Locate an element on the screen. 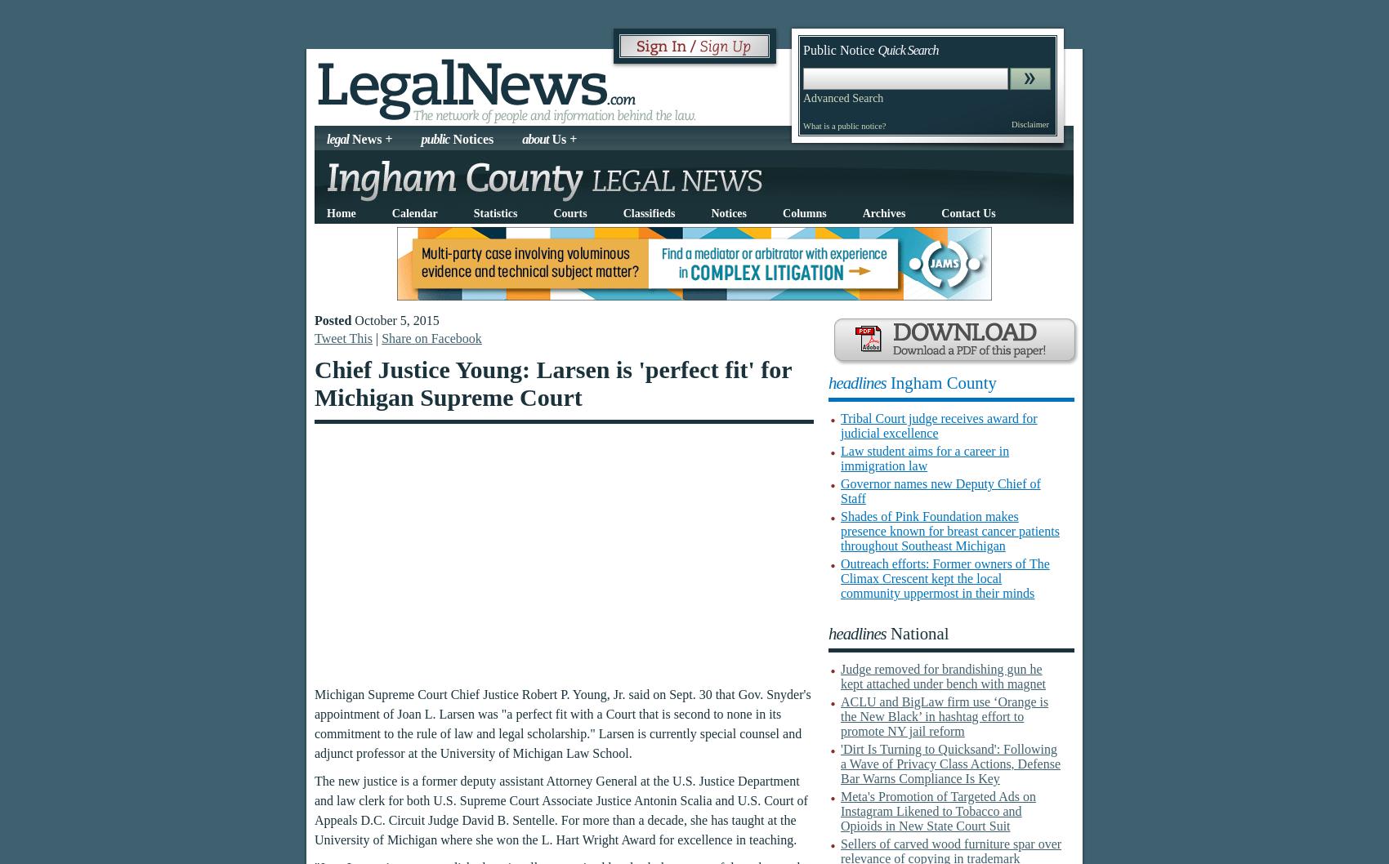 The height and width of the screenshot is (864, 1389). 'Governor names new Deputy Chief of Staff' is located at coordinates (940, 491).